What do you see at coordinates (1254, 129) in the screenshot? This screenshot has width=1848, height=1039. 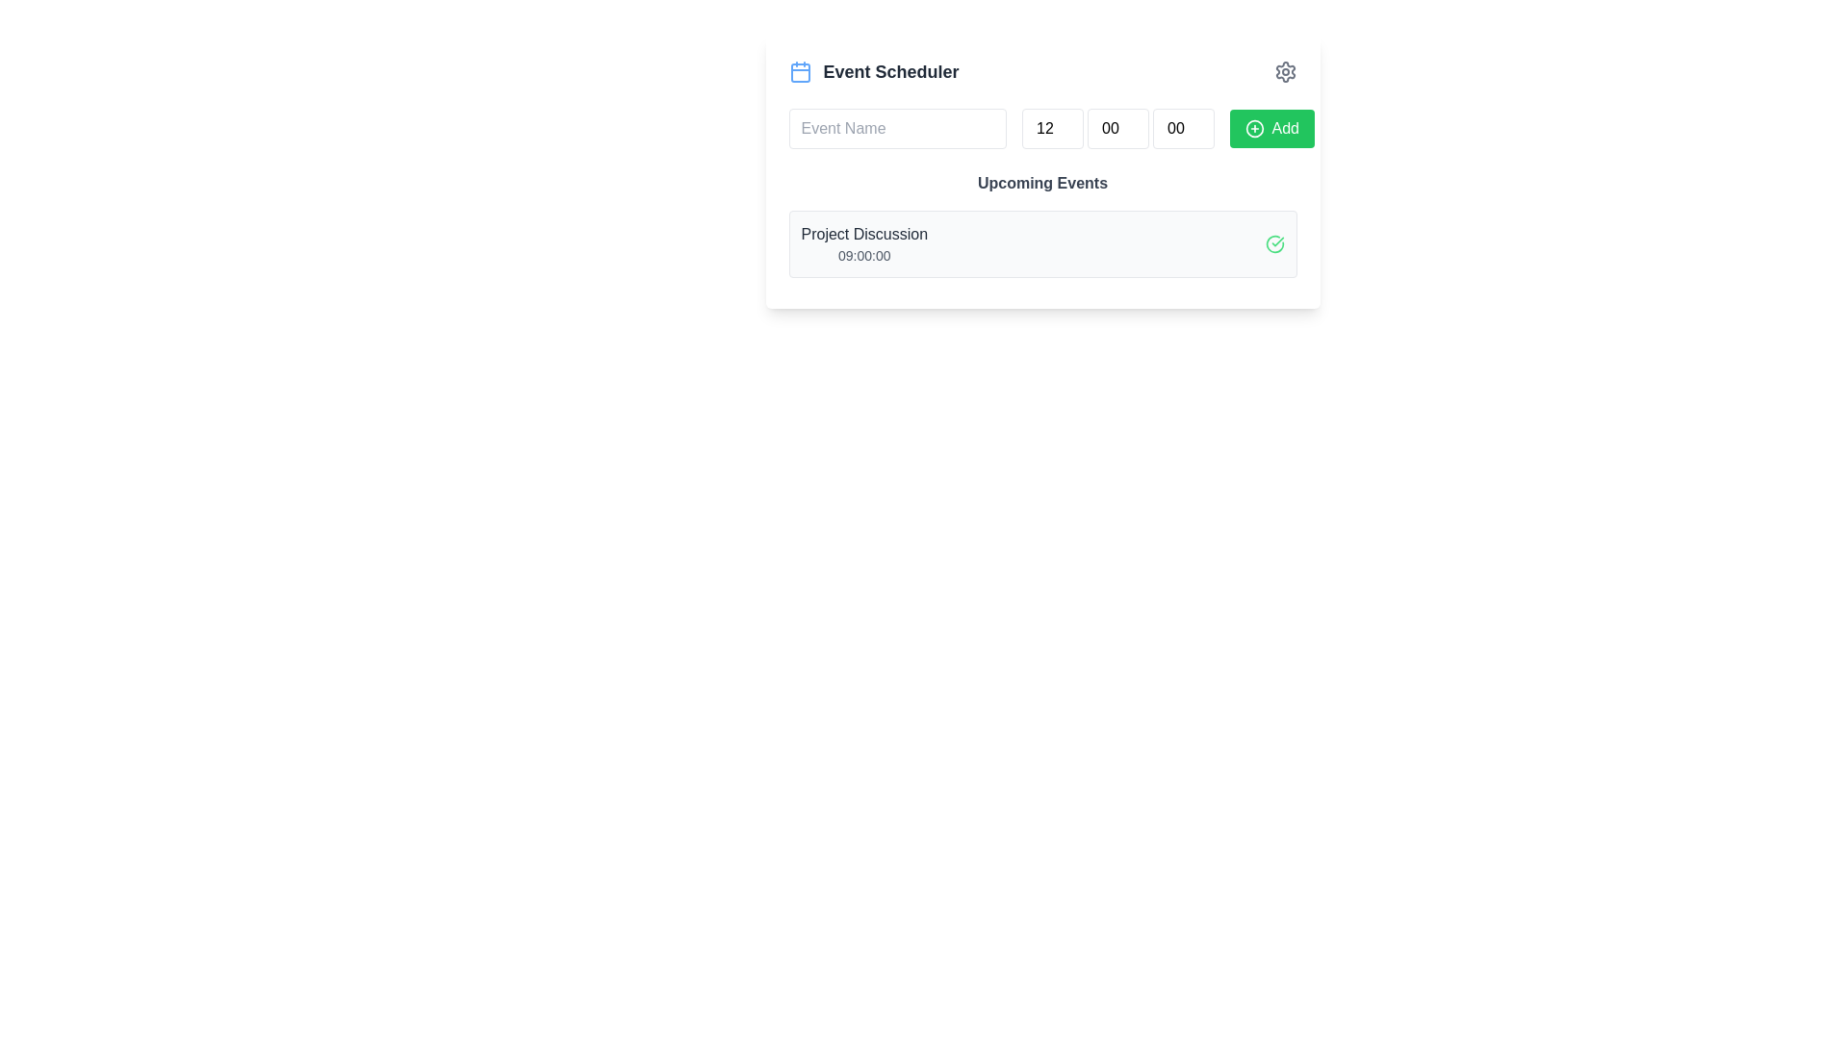 I see `the circular icon with a plus sign, which is located within the green button labeled 'Add' on the right side of the 'Event Scheduler' form interface` at bounding box center [1254, 129].